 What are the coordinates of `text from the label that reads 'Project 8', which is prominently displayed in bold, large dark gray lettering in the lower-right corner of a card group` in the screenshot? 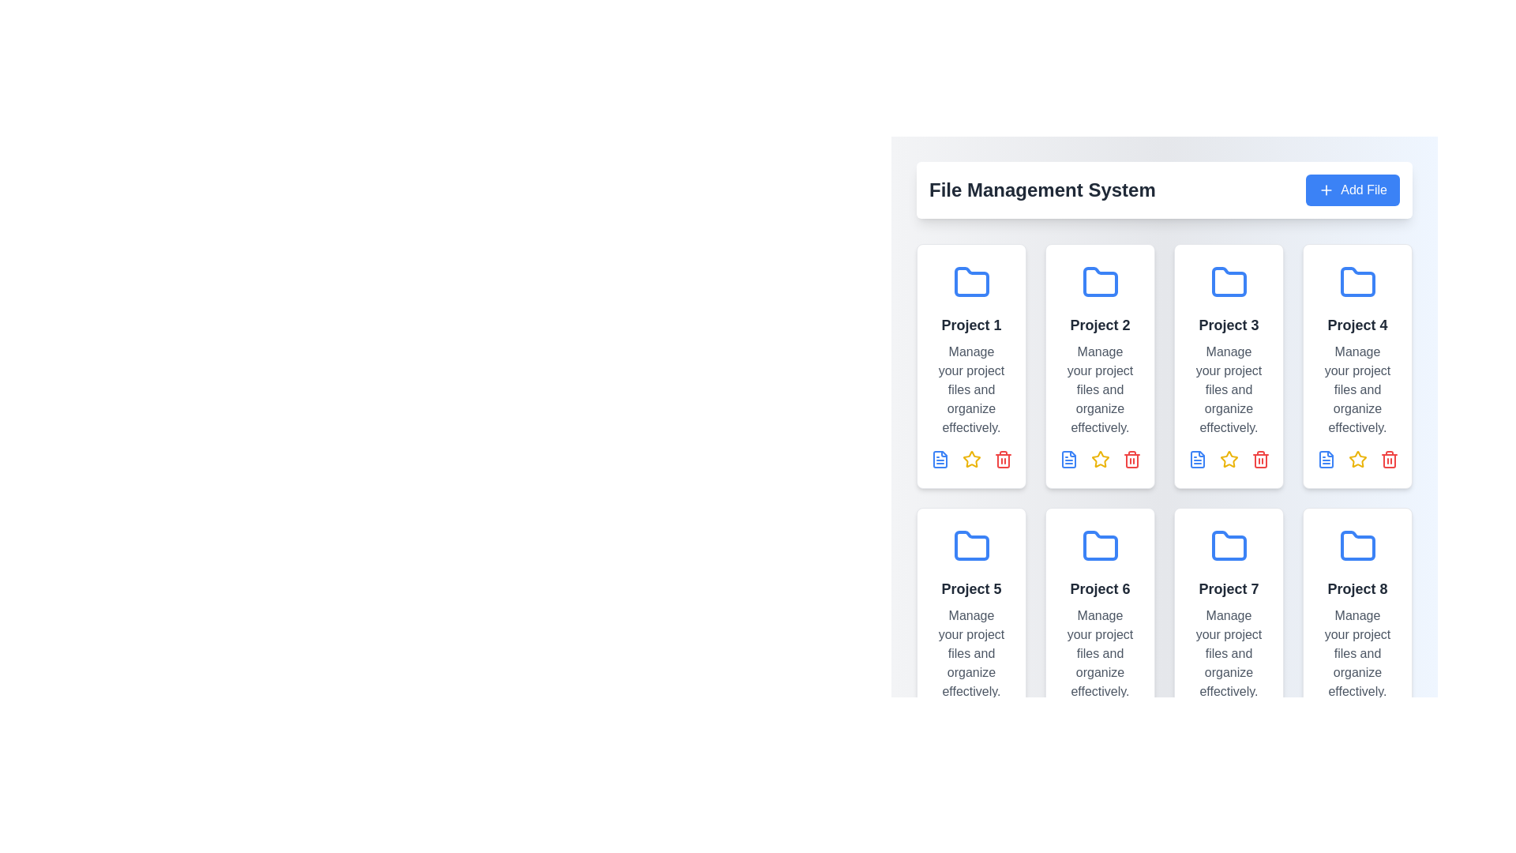 It's located at (1357, 588).